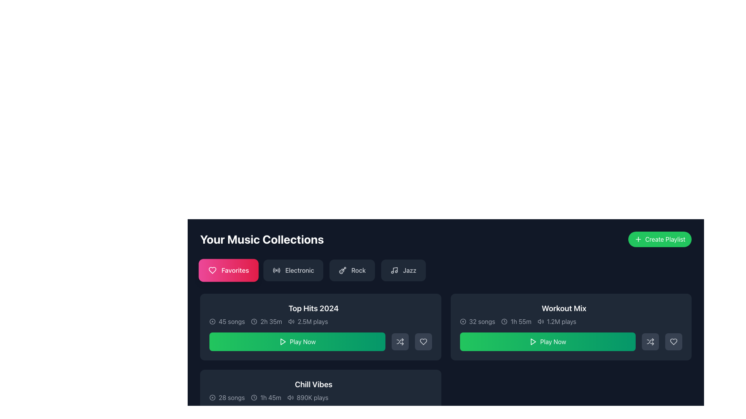 The height and width of the screenshot is (419, 746). I want to click on the text label stating '32 songs' located in the 'Workout Mix' card's header, which is adjacent to the disc icon symbolizing music tracks, so click(477, 322).